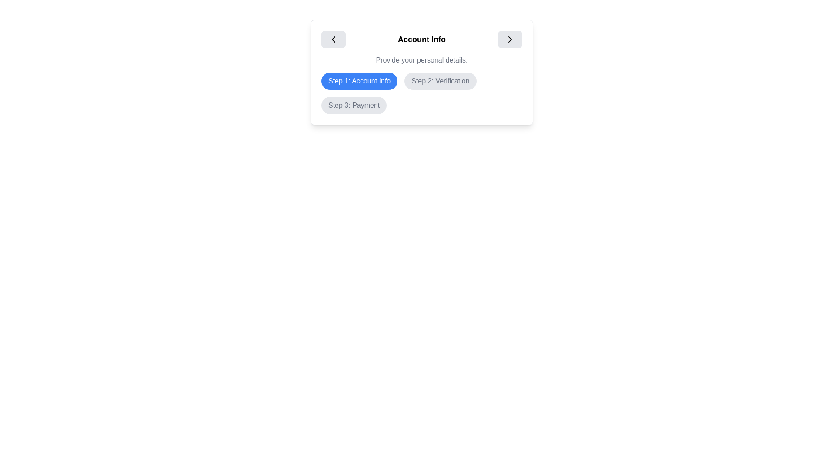  What do you see at coordinates (510, 40) in the screenshot?
I see `the forward navigation icon located at the upper-right corner of the card button` at bounding box center [510, 40].